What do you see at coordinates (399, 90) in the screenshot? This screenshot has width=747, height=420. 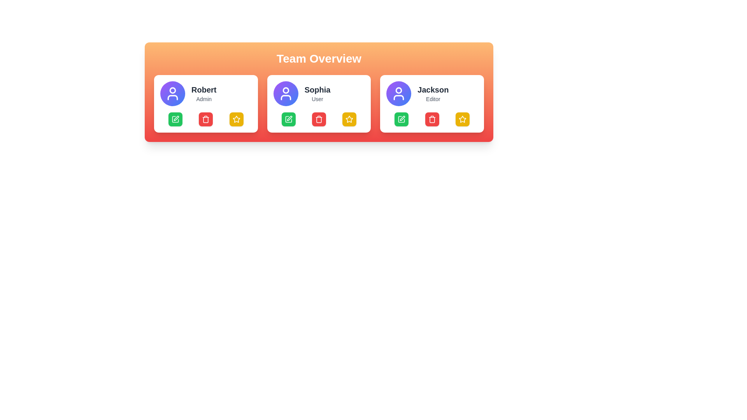 I see `the decorative SVG circle graphical element that is part of the user profile icon in the card containing the name 'Jackson' and the role 'Editor'` at bounding box center [399, 90].